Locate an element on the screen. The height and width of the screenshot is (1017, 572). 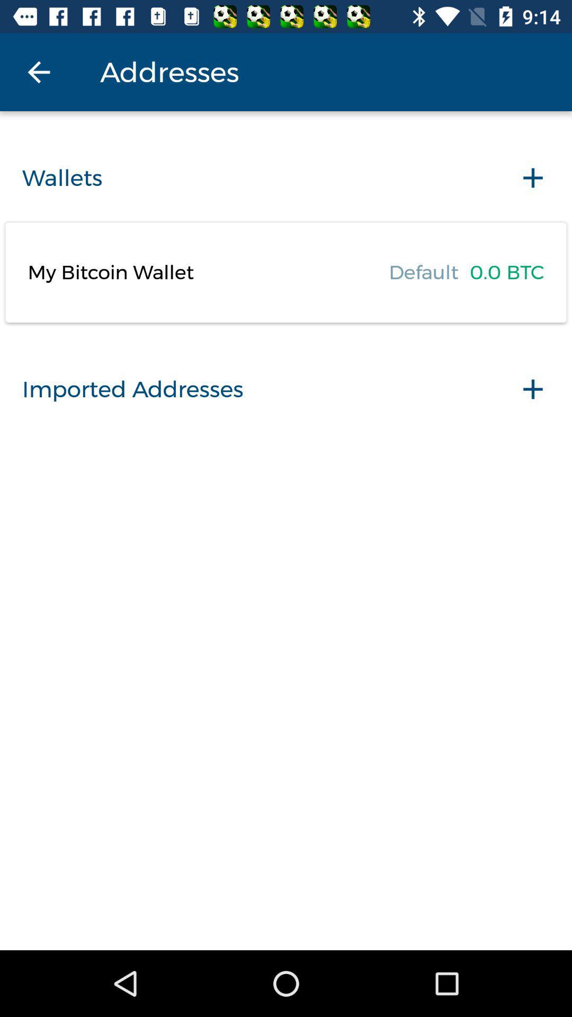
the icon next to addresses icon is located at coordinates (38, 72).